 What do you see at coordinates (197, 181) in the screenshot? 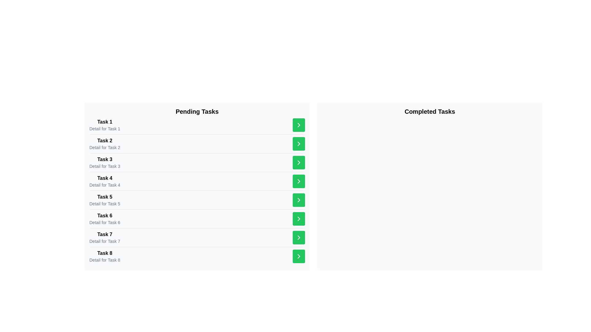
I see `the fourth task item in the 'Pending Tasks' section, which has the title 'Task 4' and a green action button with a right-facing arrow` at bounding box center [197, 181].